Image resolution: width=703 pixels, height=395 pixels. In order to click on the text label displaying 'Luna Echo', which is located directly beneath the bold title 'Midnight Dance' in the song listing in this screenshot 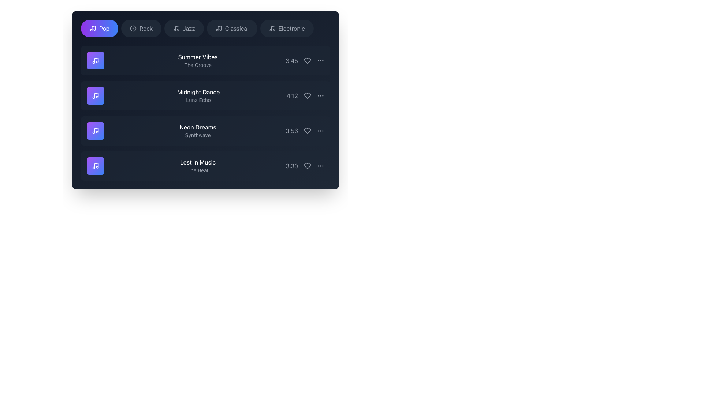, I will do `click(198, 100)`.